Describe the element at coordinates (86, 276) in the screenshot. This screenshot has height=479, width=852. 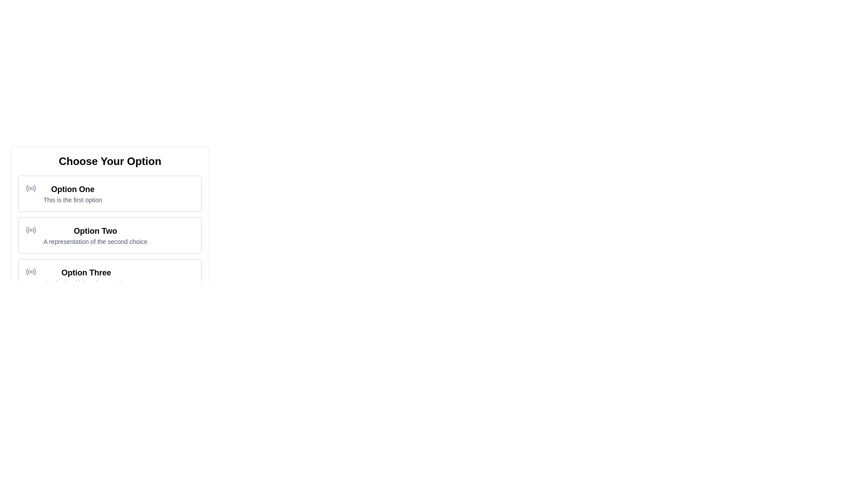
I see `the third list item that displays the title and description of the option, located below 'Option One' and 'Option Two'` at that location.